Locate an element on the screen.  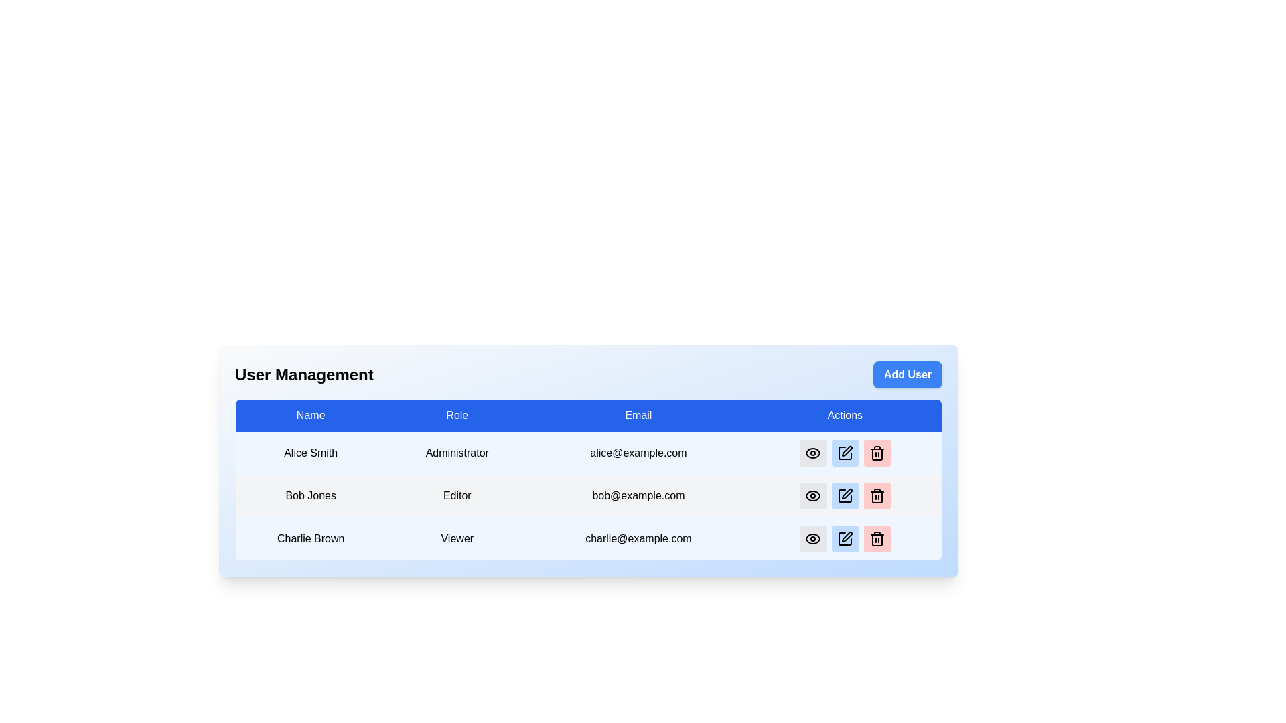
the text element displaying the email address of user Charlie Brown, located in the third row under the 'Email' column is located at coordinates (638, 538).